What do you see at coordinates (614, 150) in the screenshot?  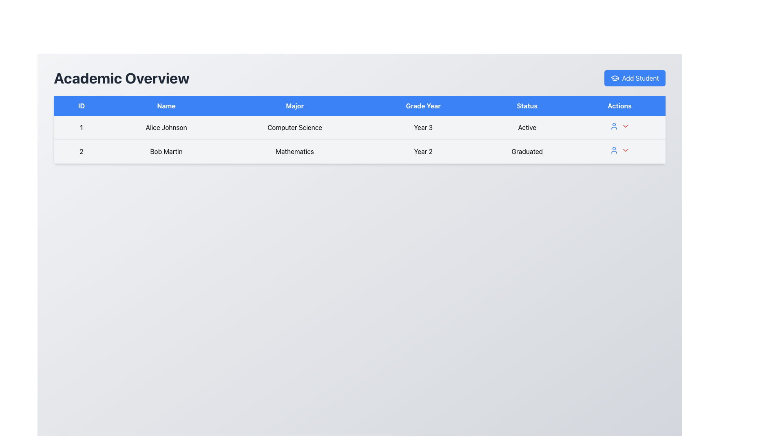 I see `the circular blue user-icon graphic located in the 'Actions' column of the first row` at bounding box center [614, 150].